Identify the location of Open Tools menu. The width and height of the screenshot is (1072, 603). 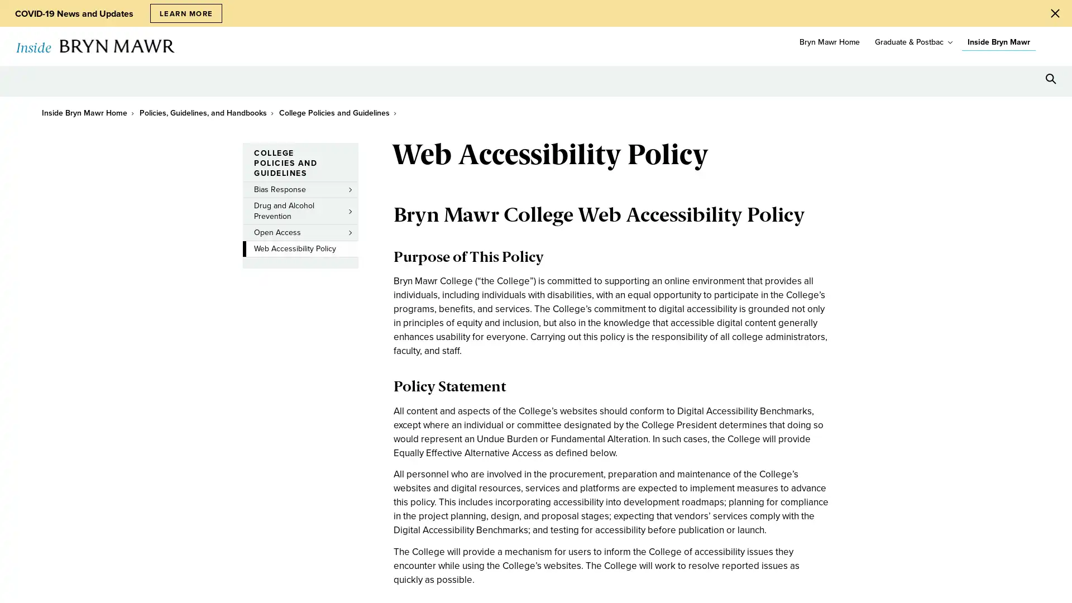
(995, 78).